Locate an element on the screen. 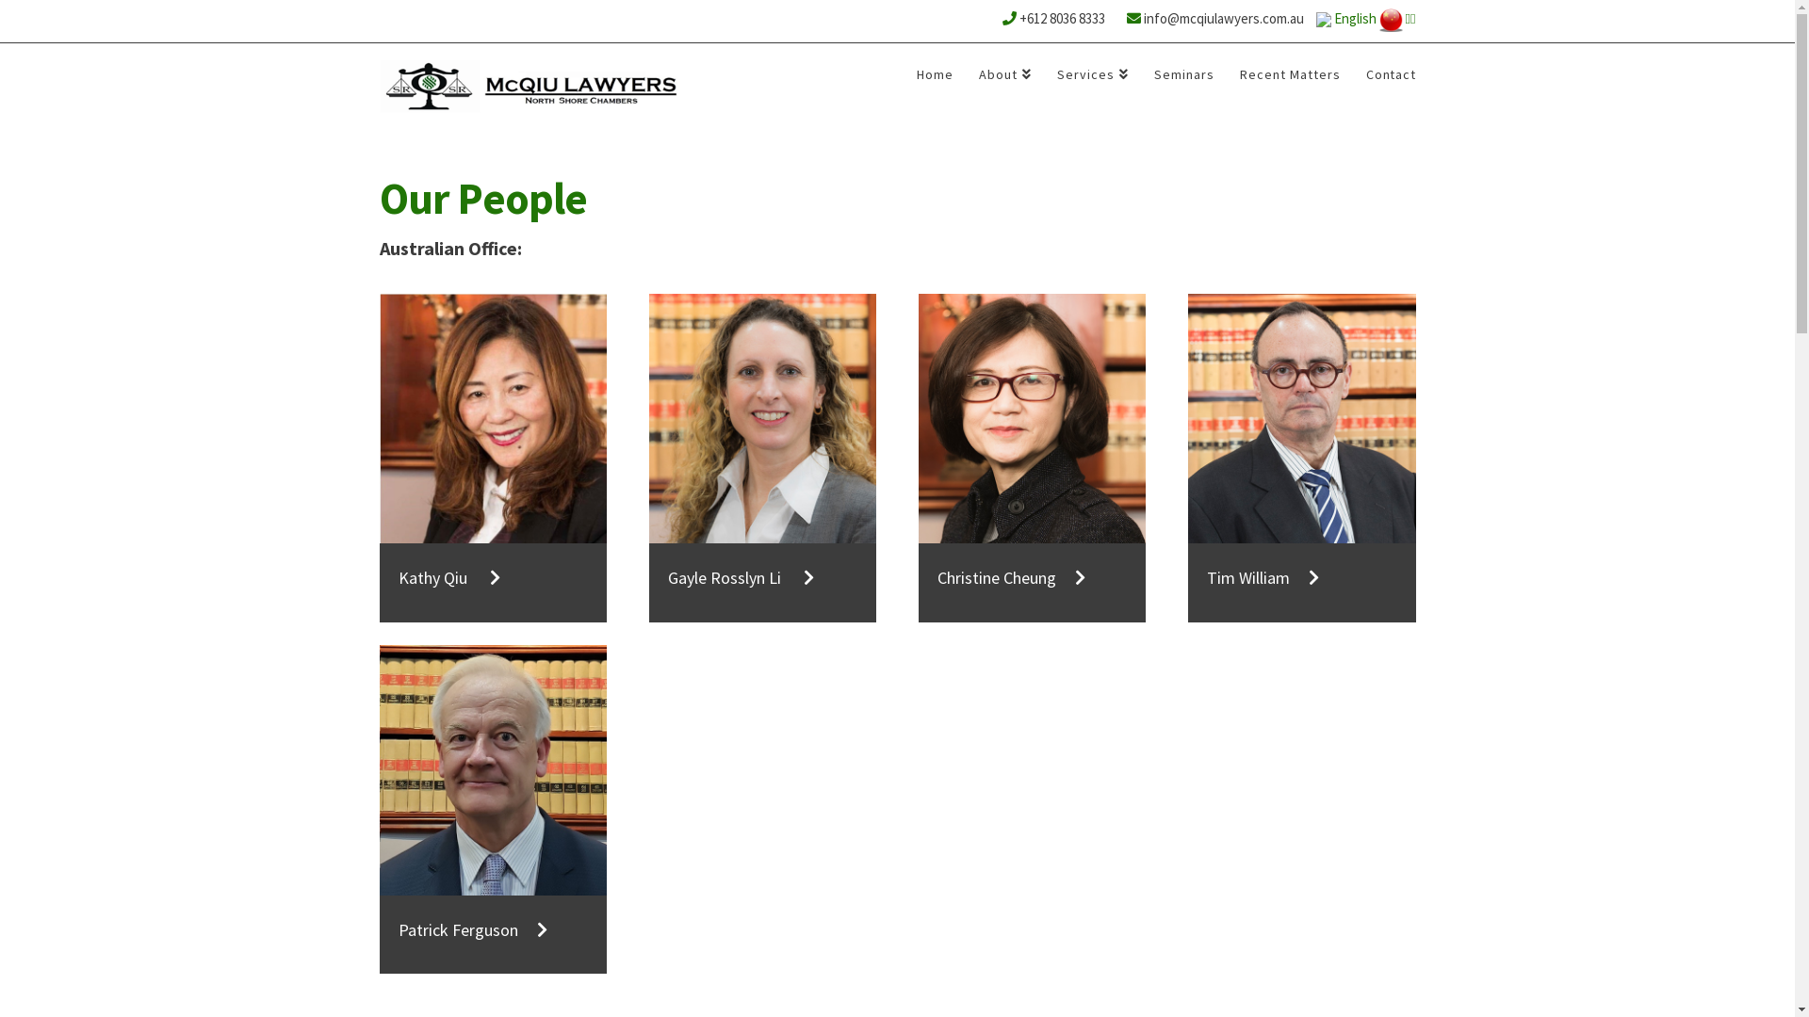 The image size is (1809, 1017). 'Contact' is located at coordinates (1384, 79).